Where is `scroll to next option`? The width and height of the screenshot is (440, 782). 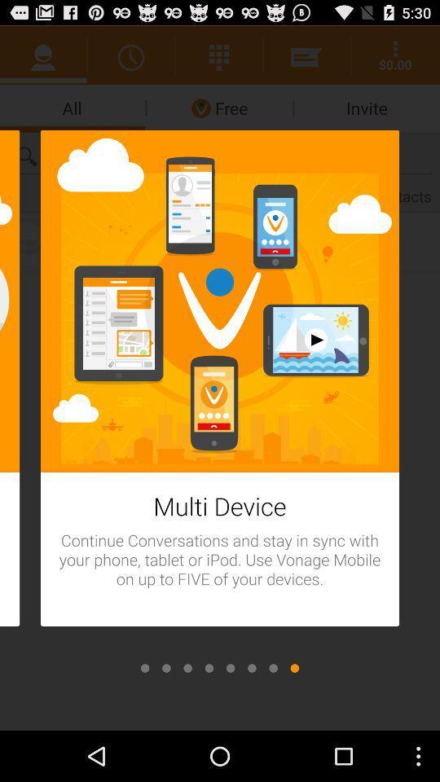
scroll to next option is located at coordinates (145, 668).